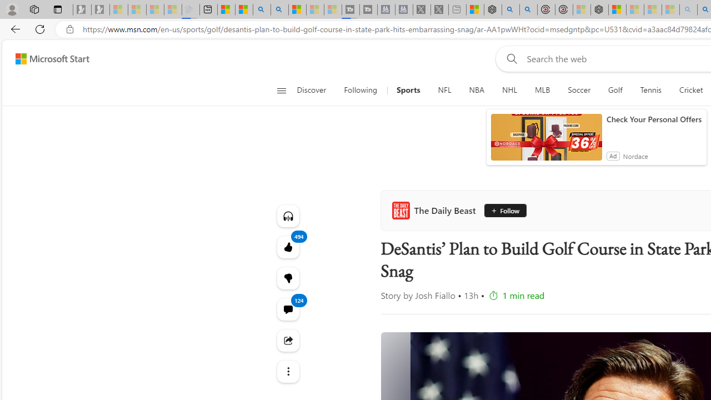 The height and width of the screenshot is (400, 711). I want to click on 'NHL', so click(509, 90).